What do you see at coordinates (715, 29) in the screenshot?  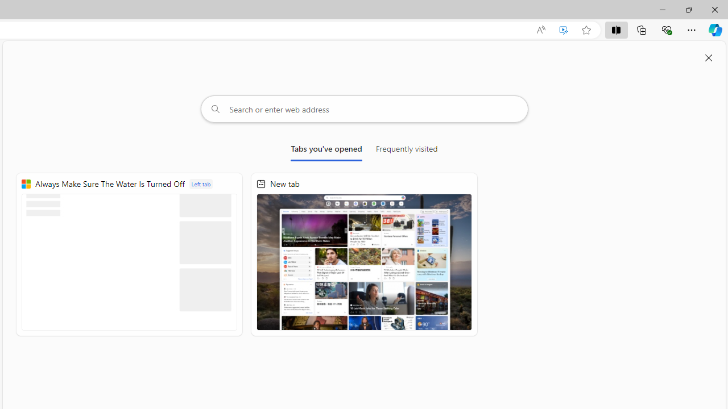 I see `'Copilot (Ctrl+Shift+.)'` at bounding box center [715, 29].